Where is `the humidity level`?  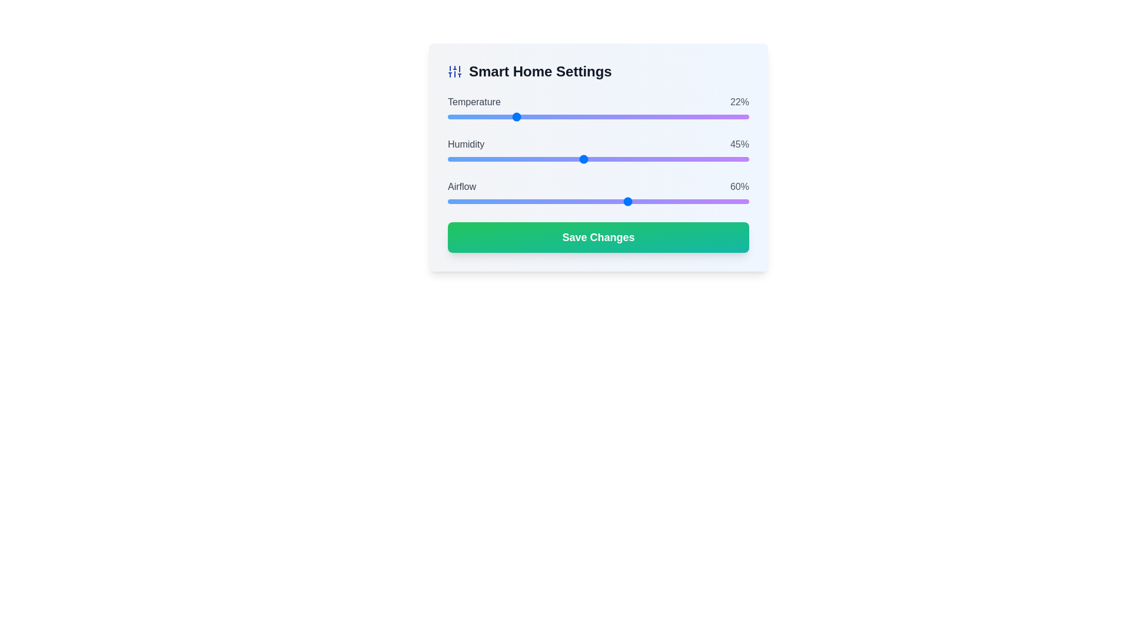
the humidity level is located at coordinates (534, 156).